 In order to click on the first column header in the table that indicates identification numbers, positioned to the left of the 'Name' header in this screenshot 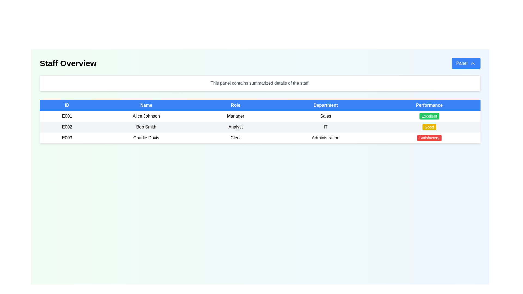, I will do `click(67, 105)`.